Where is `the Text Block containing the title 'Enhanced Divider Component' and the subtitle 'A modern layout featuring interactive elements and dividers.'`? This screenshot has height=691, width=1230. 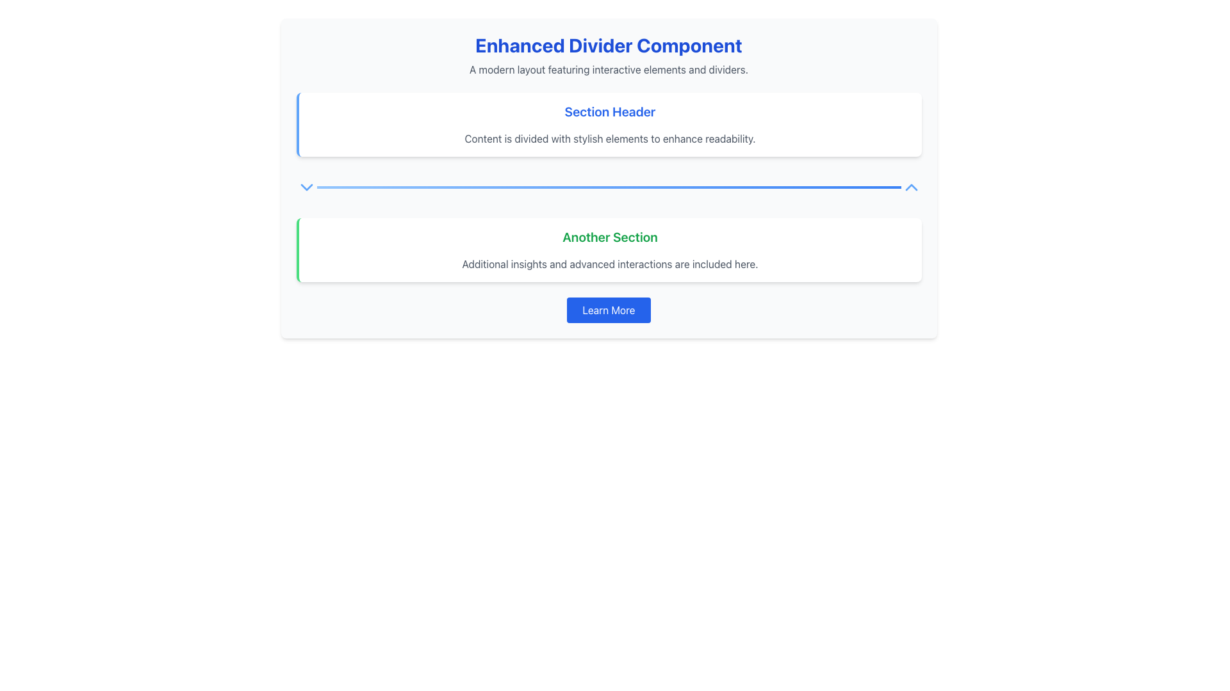
the Text Block containing the title 'Enhanced Divider Component' and the subtitle 'A modern layout featuring interactive elements and dividers.' is located at coordinates (608, 55).